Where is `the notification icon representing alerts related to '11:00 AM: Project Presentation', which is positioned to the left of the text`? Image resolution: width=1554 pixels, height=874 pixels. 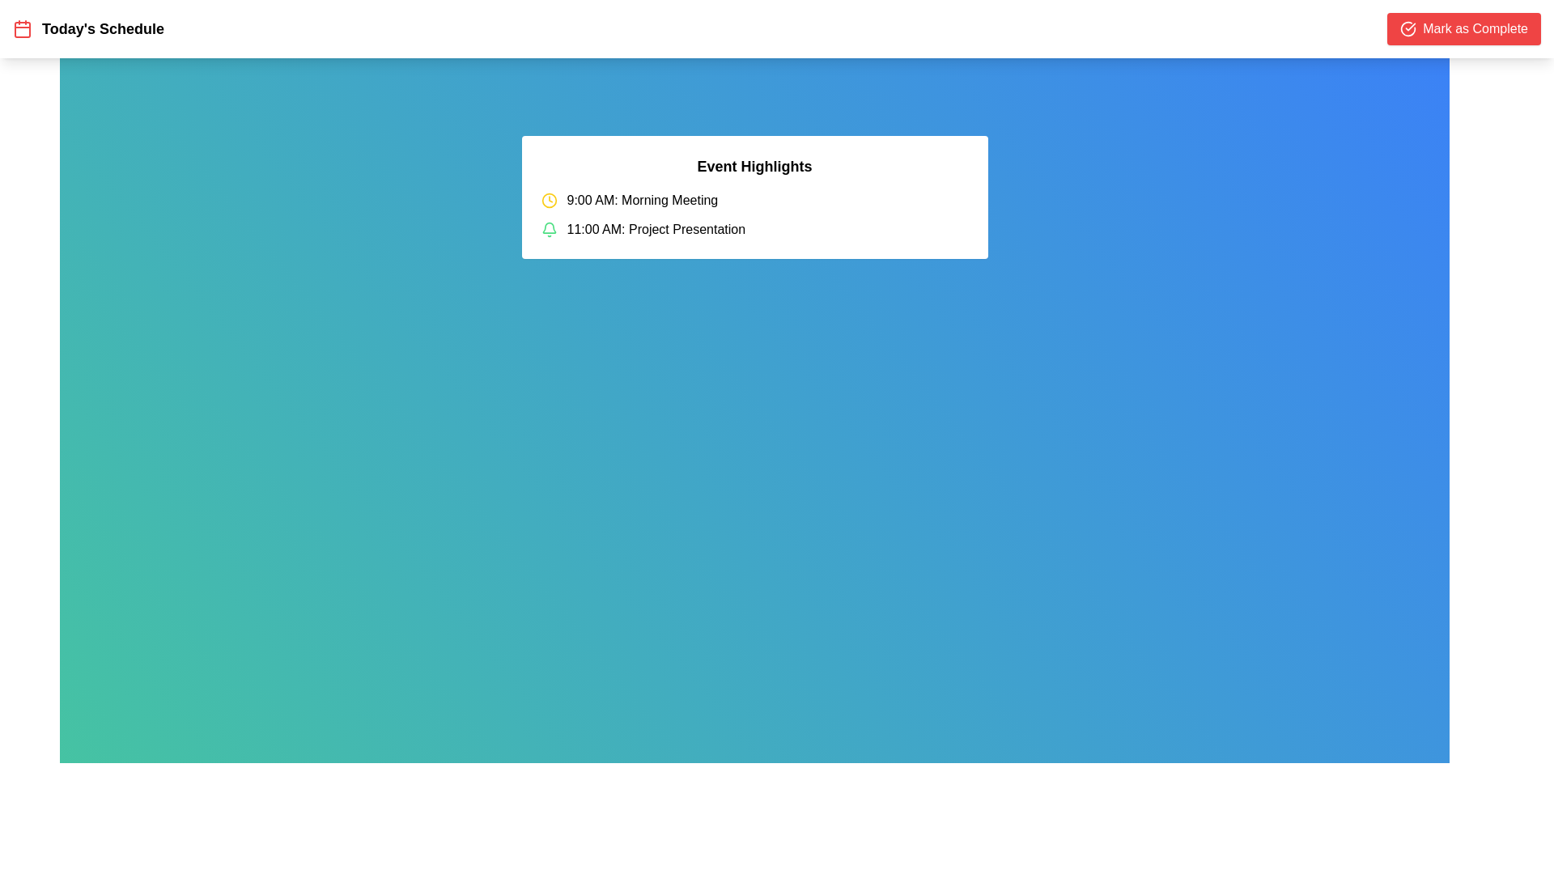
the notification icon representing alerts related to '11:00 AM: Project Presentation', which is positioned to the left of the text is located at coordinates (549, 230).